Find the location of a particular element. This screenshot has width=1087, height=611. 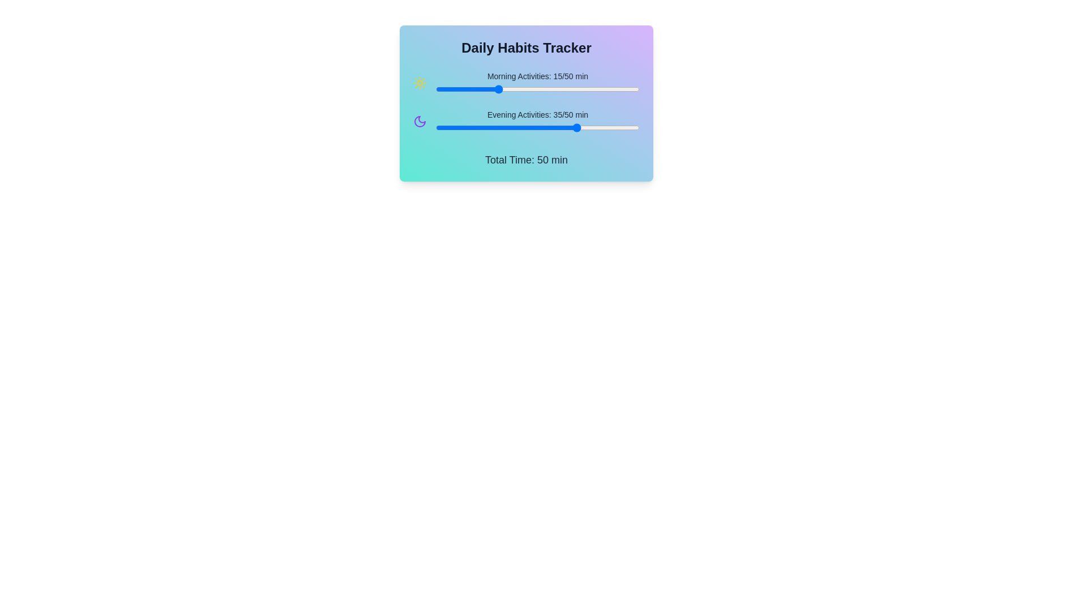

evening activity time is located at coordinates (610, 127).